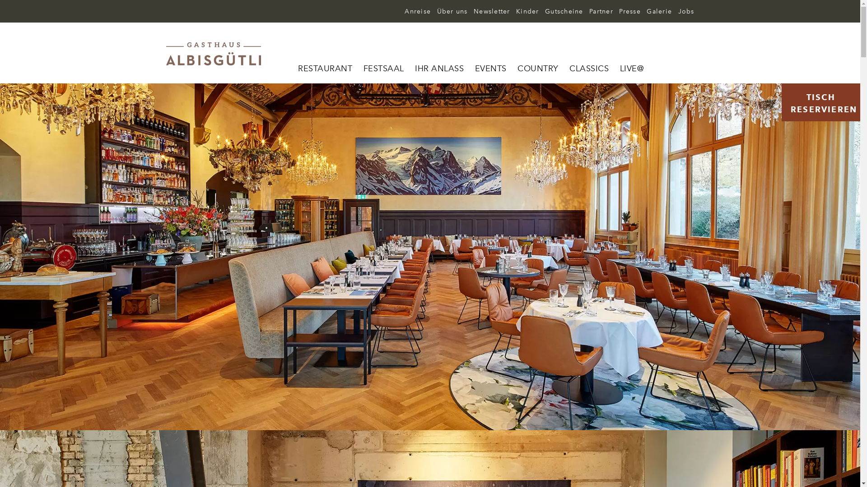 The image size is (867, 487). What do you see at coordinates (599, 12) in the screenshot?
I see `'Partner'` at bounding box center [599, 12].